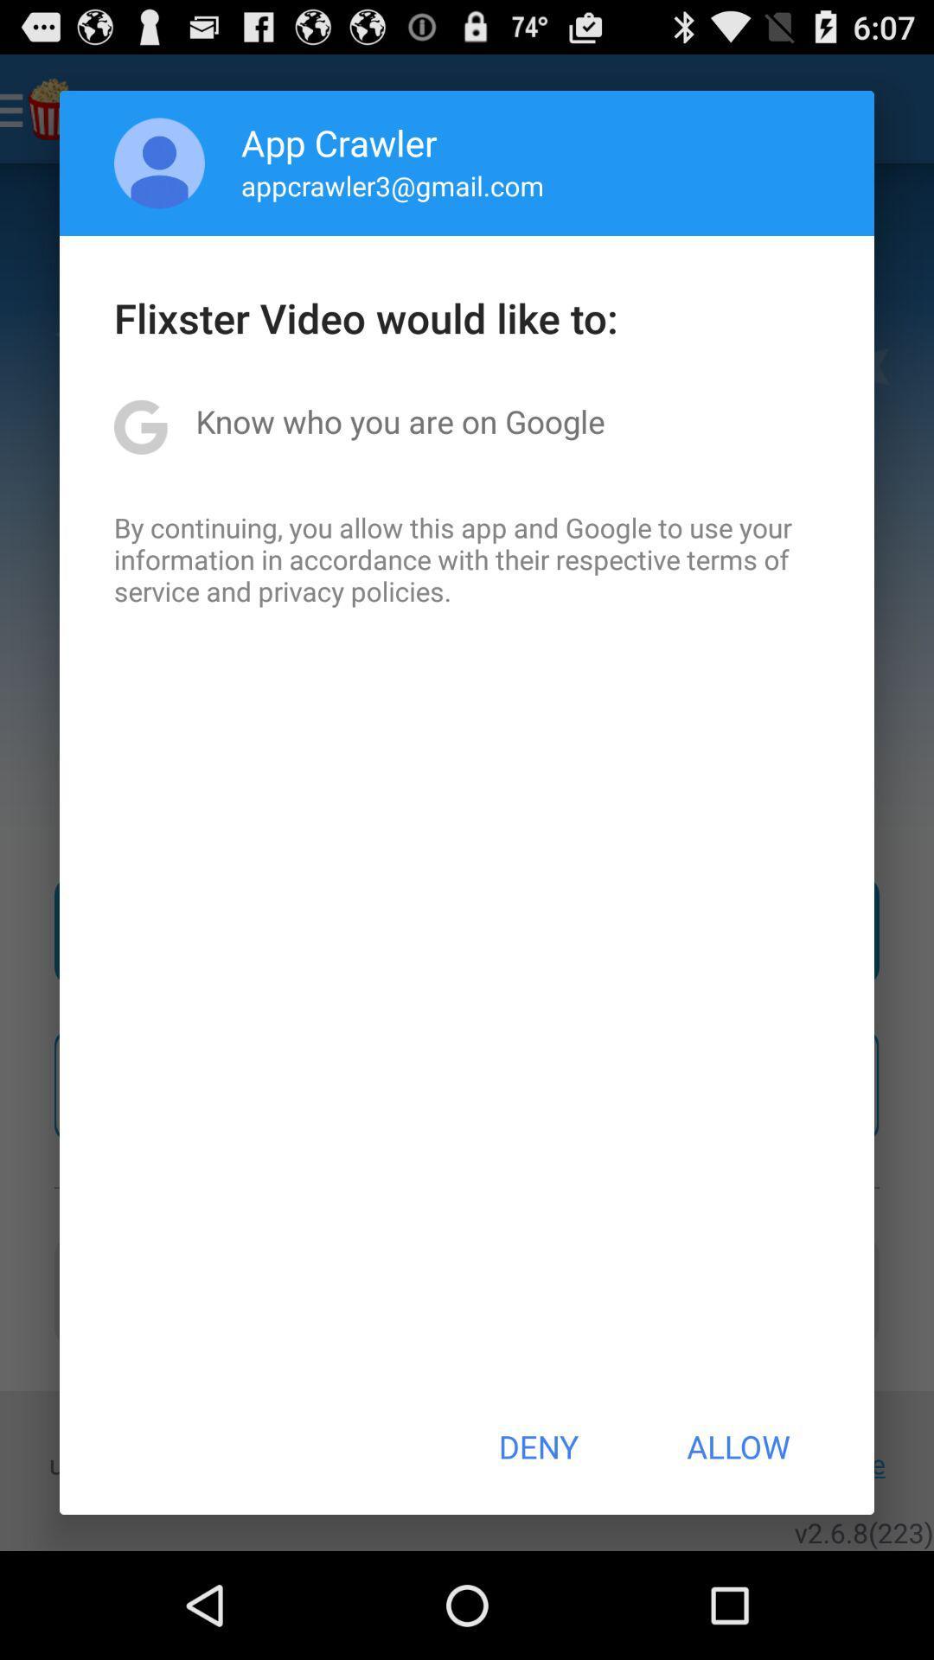 This screenshot has width=934, height=1660. What do you see at coordinates (393, 185) in the screenshot?
I see `the item below app crawler` at bounding box center [393, 185].